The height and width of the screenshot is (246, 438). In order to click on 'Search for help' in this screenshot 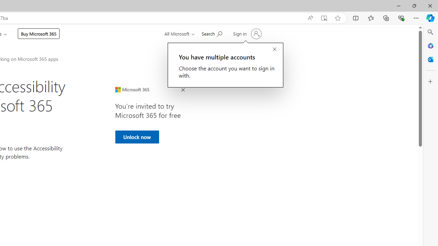, I will do `click(211, 33)`.